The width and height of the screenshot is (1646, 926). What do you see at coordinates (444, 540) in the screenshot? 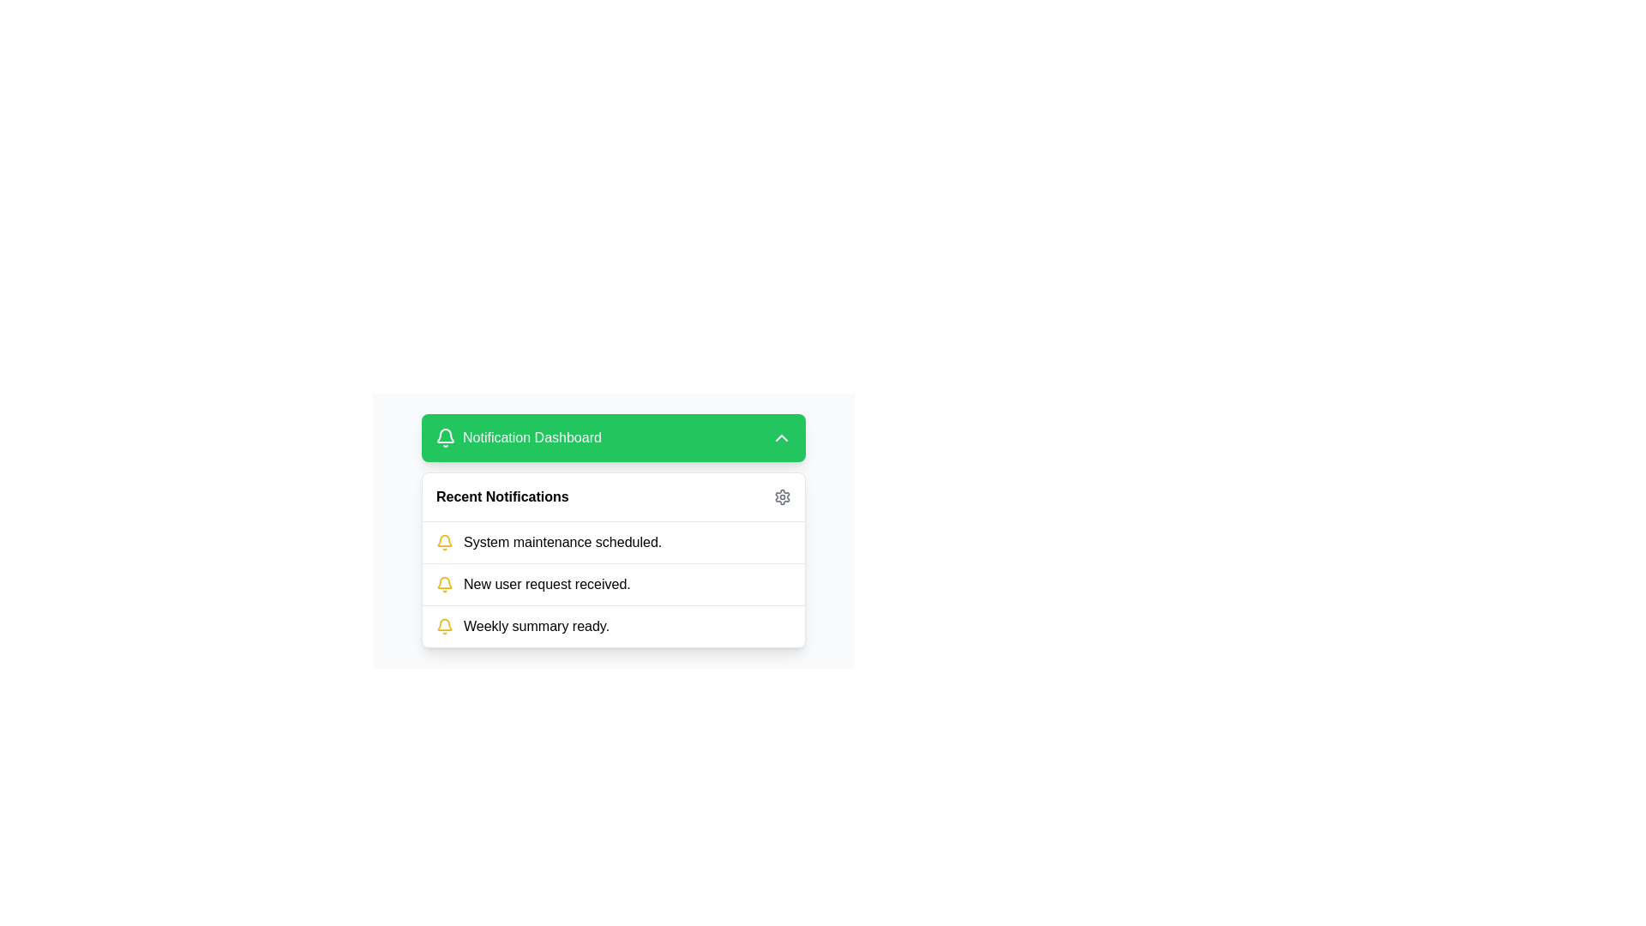
I see `the notification bell graphic in the green header bar labeled 'Notification Dashboard'` at bounding box center [444, 540].